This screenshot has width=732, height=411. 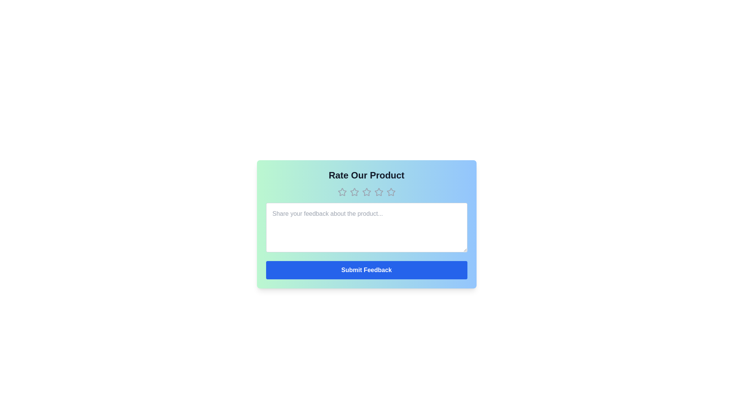 I want to click on the text area and input the text, so click(x=366, y=227).